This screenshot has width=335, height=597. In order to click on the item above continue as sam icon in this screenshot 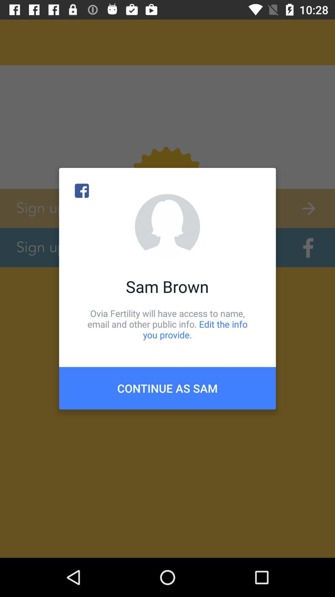, I will do `click(167, 324)`.